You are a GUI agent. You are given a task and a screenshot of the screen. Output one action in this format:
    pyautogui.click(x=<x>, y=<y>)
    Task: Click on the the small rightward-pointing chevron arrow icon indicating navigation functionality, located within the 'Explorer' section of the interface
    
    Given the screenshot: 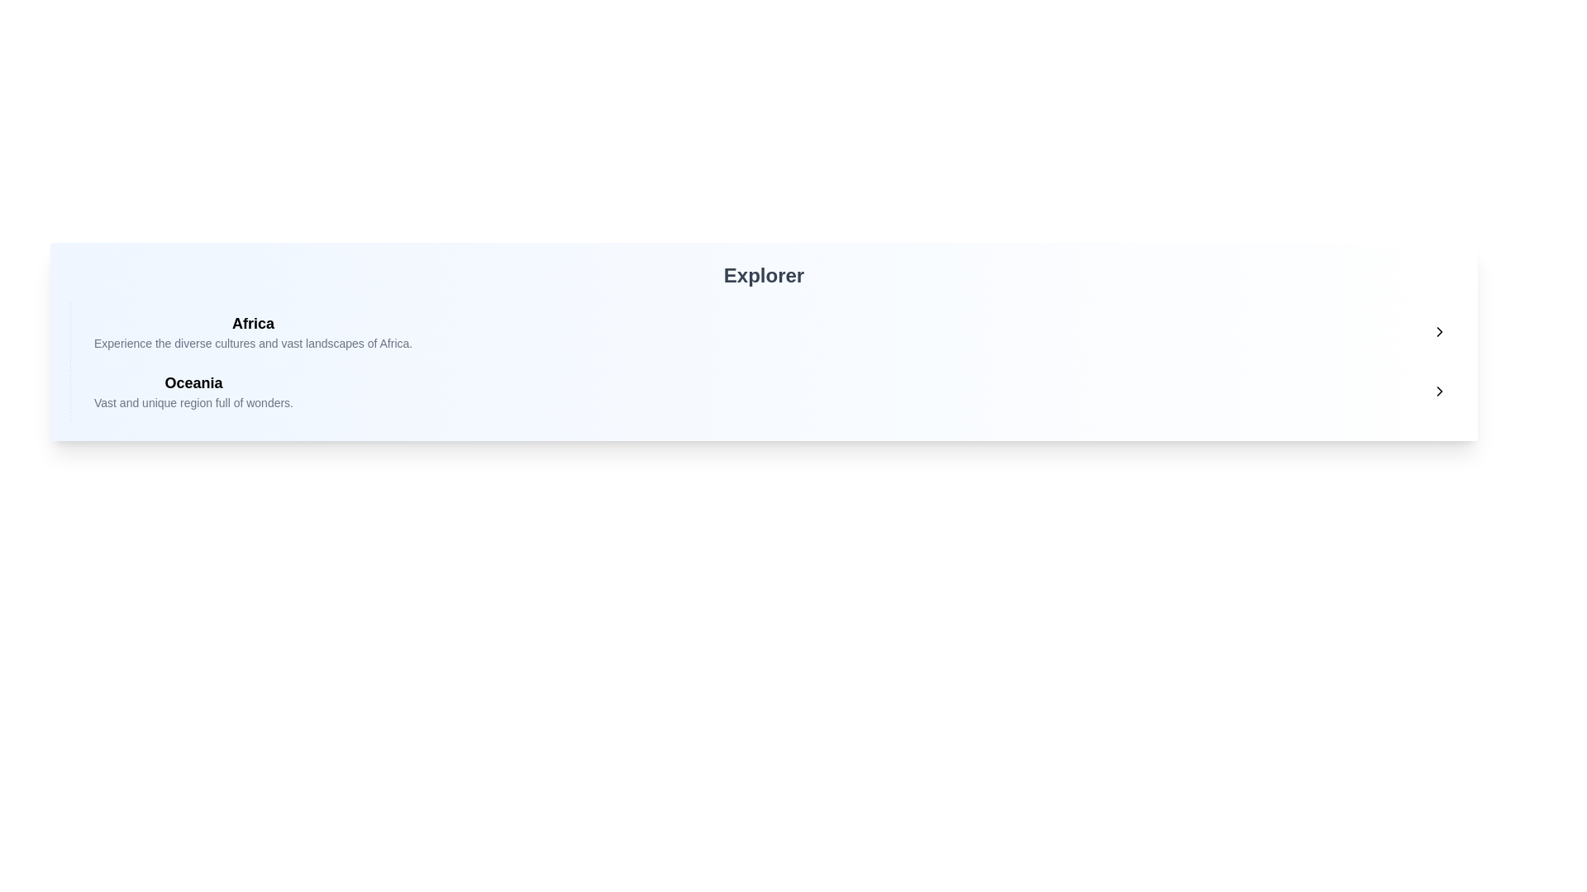 What is the action you would take?
    pyautogui.click(x=1439, y=331)
    